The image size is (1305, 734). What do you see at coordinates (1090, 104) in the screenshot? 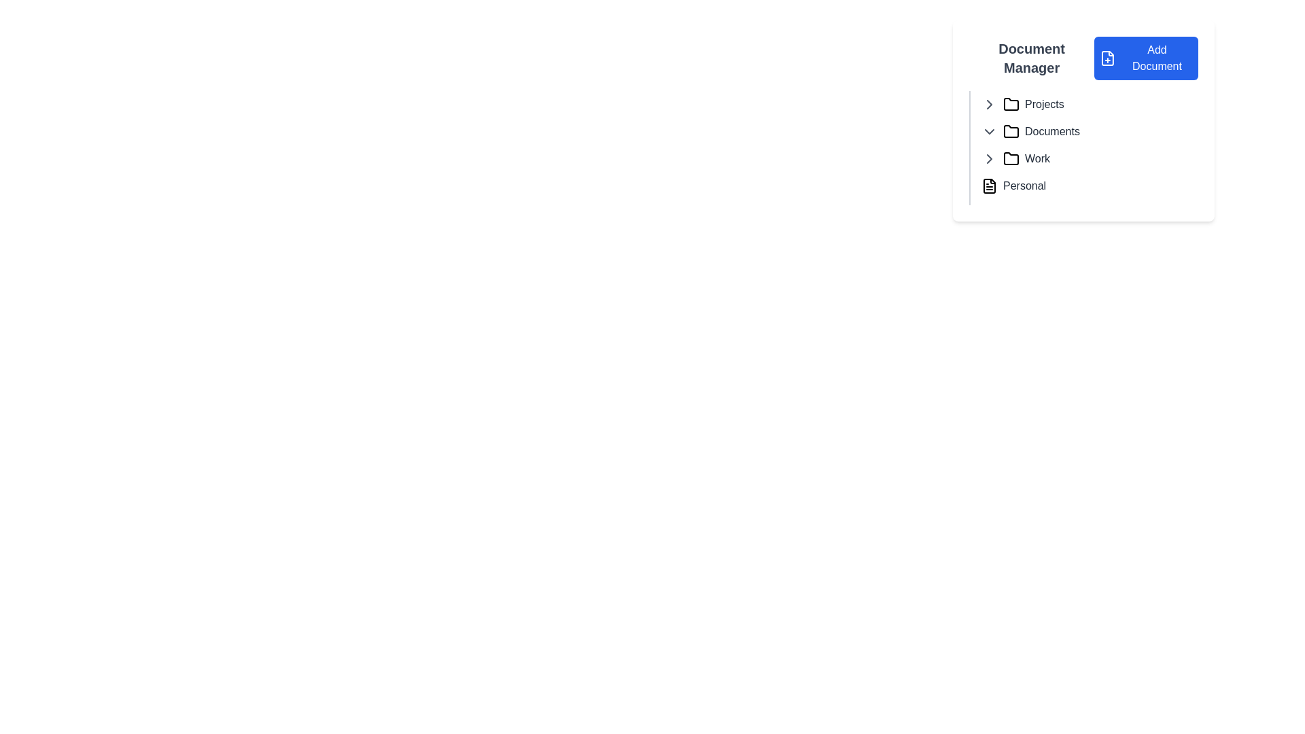
I see `the 'Projects' collapsible menu item in the sidebar` at bounding box center [1090, 104].